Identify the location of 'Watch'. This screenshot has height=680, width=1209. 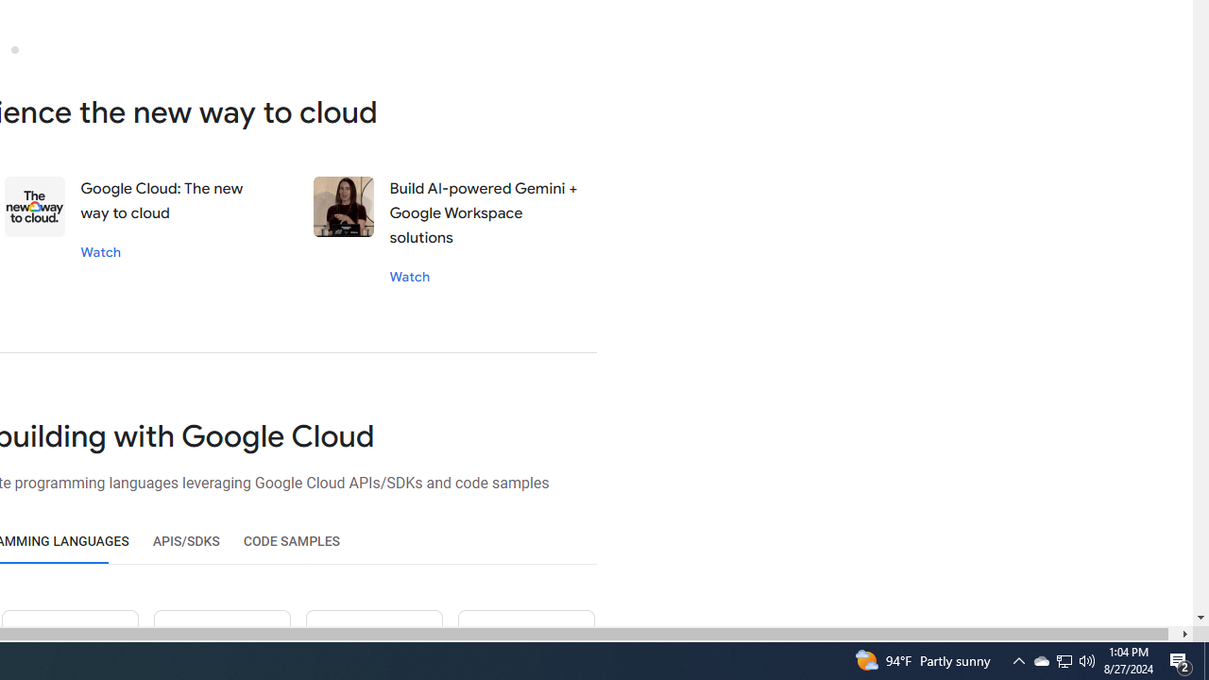
(408, 276).